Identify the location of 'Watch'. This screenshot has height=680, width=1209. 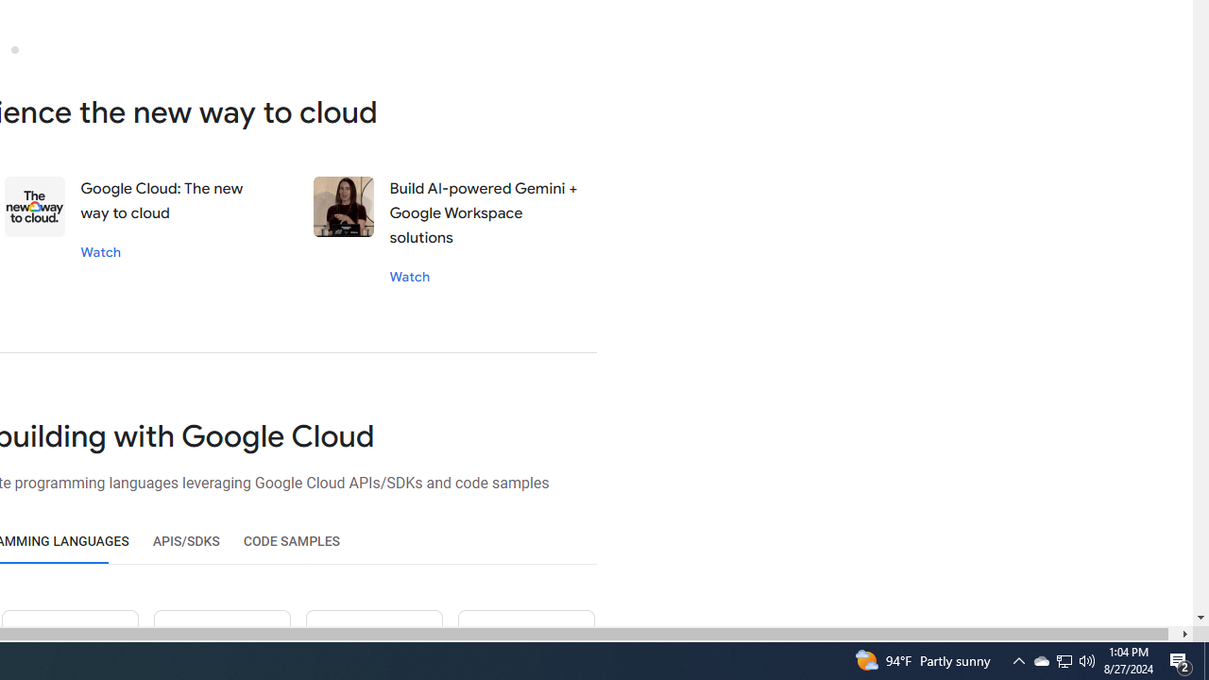
(408, 276).